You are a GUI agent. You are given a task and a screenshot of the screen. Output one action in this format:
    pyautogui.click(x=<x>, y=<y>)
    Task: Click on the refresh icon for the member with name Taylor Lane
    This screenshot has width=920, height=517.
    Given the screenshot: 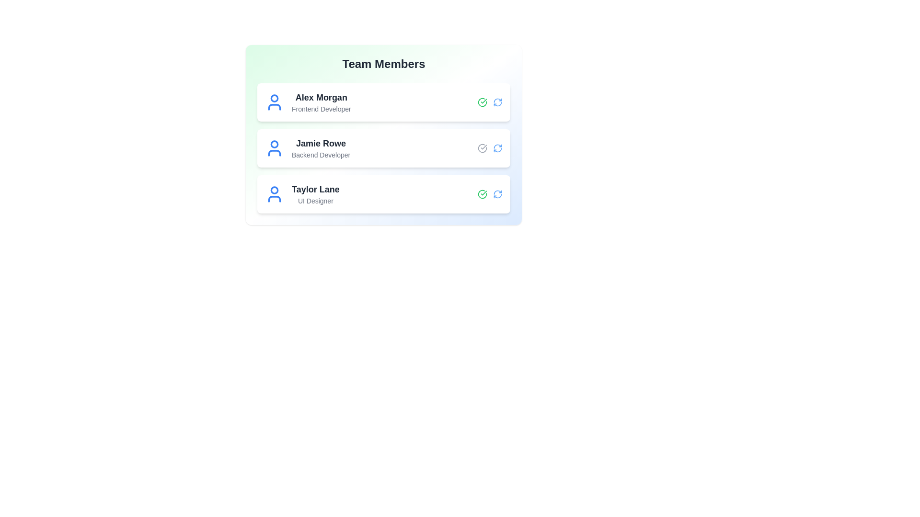 What is the action you would take?
    pyautogui.click(x=497, y=194)
    